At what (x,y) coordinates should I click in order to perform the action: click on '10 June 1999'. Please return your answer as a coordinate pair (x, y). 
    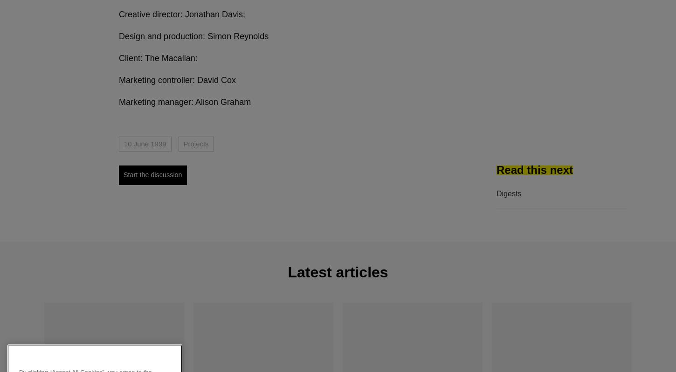
    Looking at the image, I should click on (145, 143).